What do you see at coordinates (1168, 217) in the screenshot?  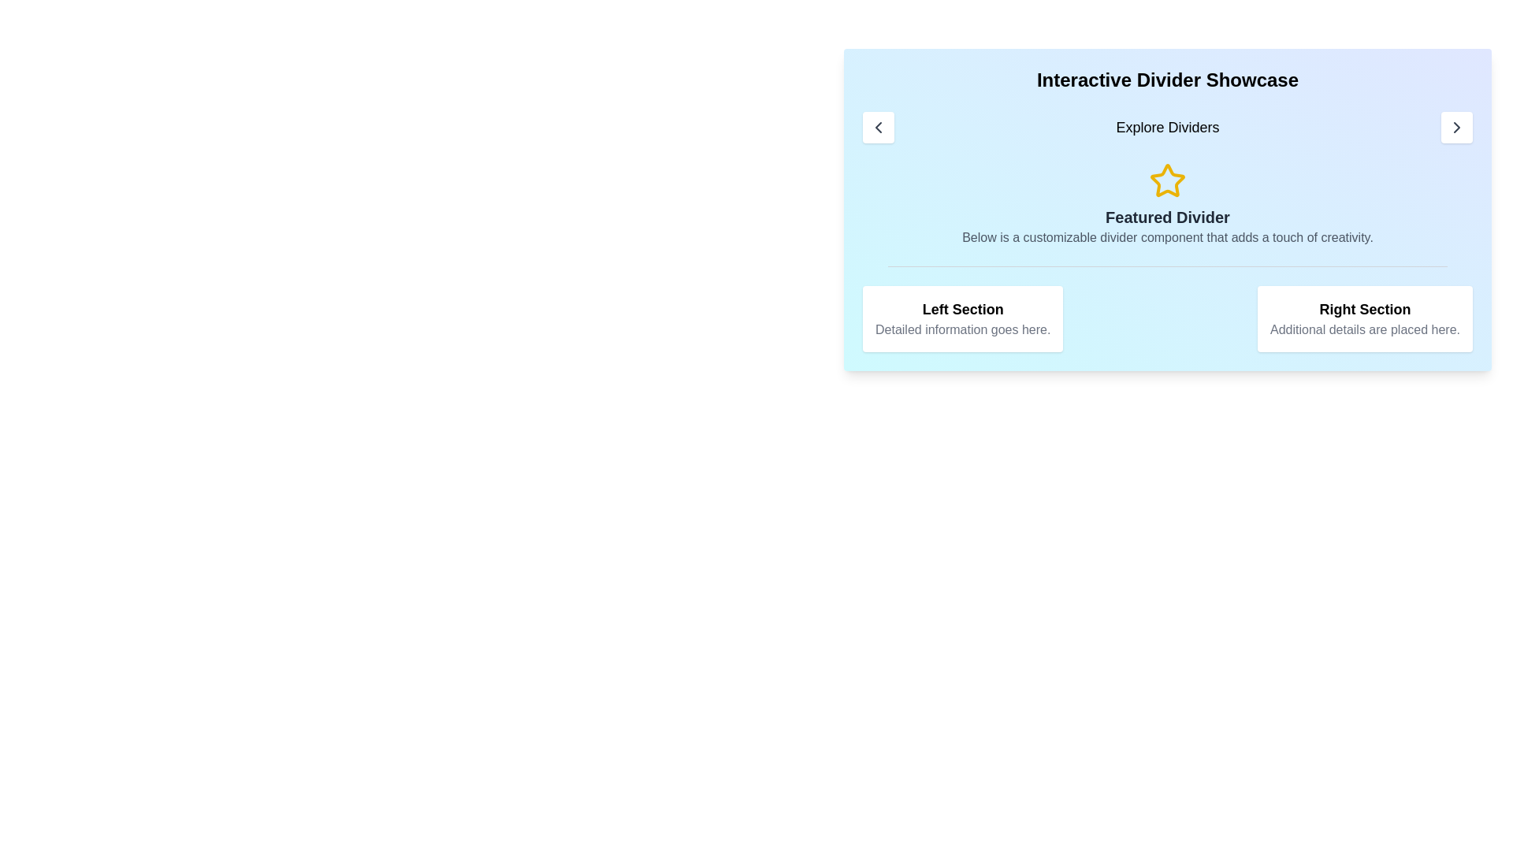 I see `the prominent heading Text Label located beneath a yellow star icon and above a smaller text describing a divider component` at bounding box center [1168, 217].